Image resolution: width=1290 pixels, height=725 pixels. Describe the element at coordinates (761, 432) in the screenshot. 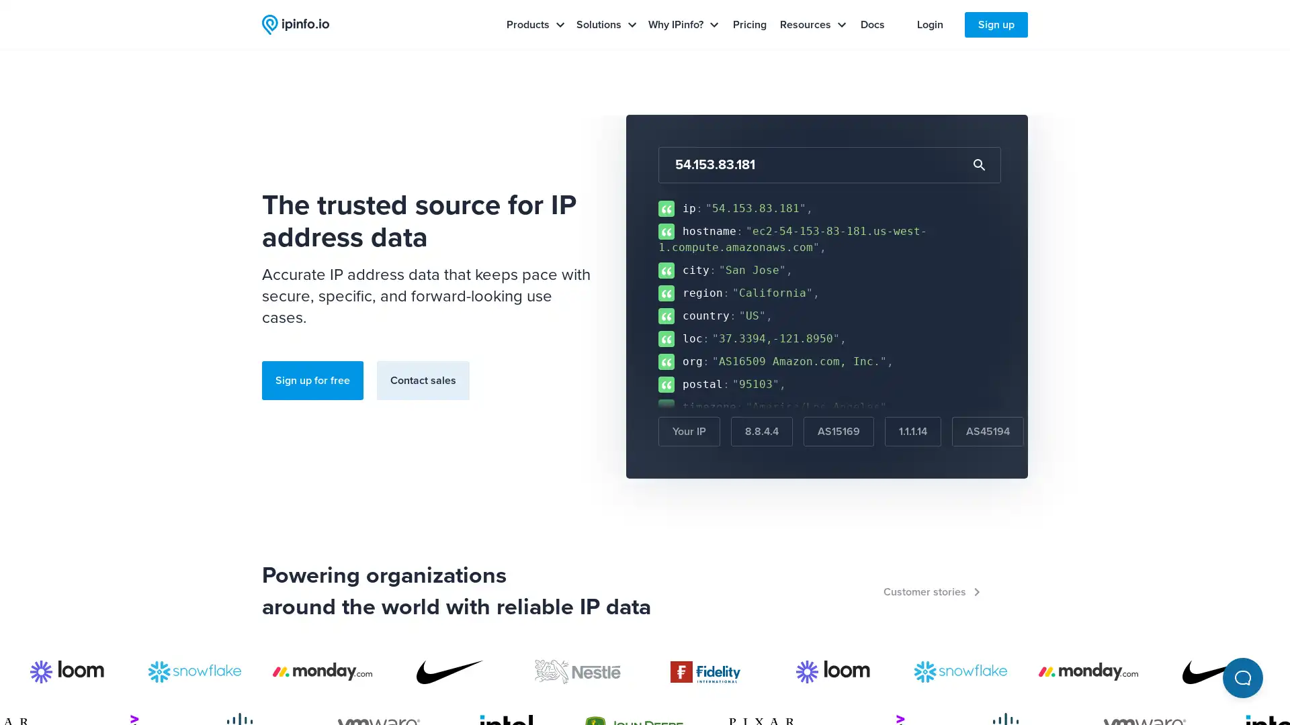

I see `8.8.4.4` at that location.